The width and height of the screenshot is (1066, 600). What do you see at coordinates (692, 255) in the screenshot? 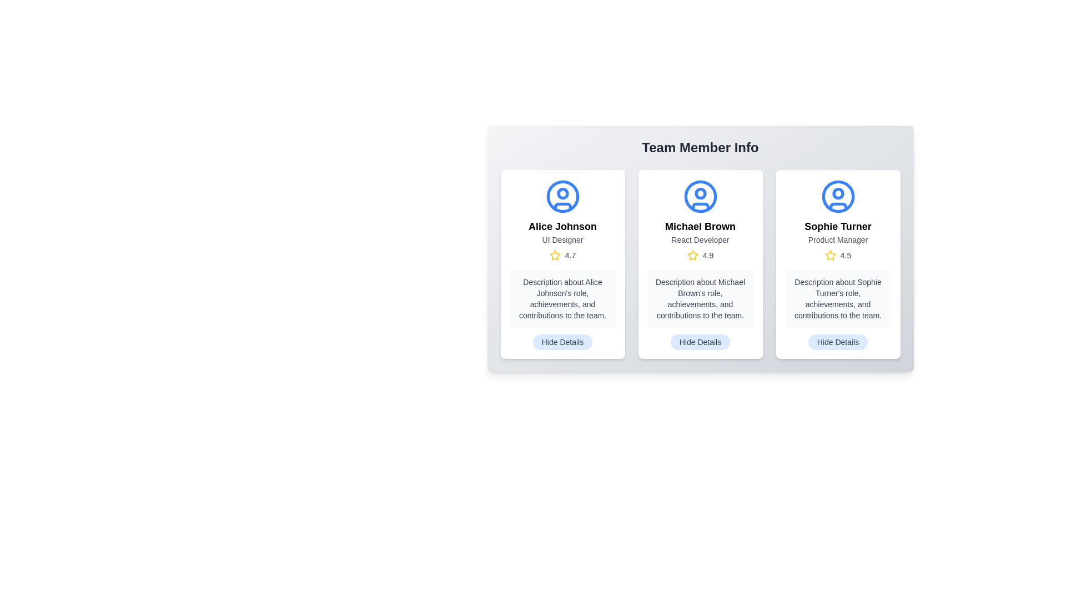
I see `the yellow star icon representing a rating feature located beside the numeric rating value '4.9' under the header 'Michael Brown'` at bounding box center [692, 255].